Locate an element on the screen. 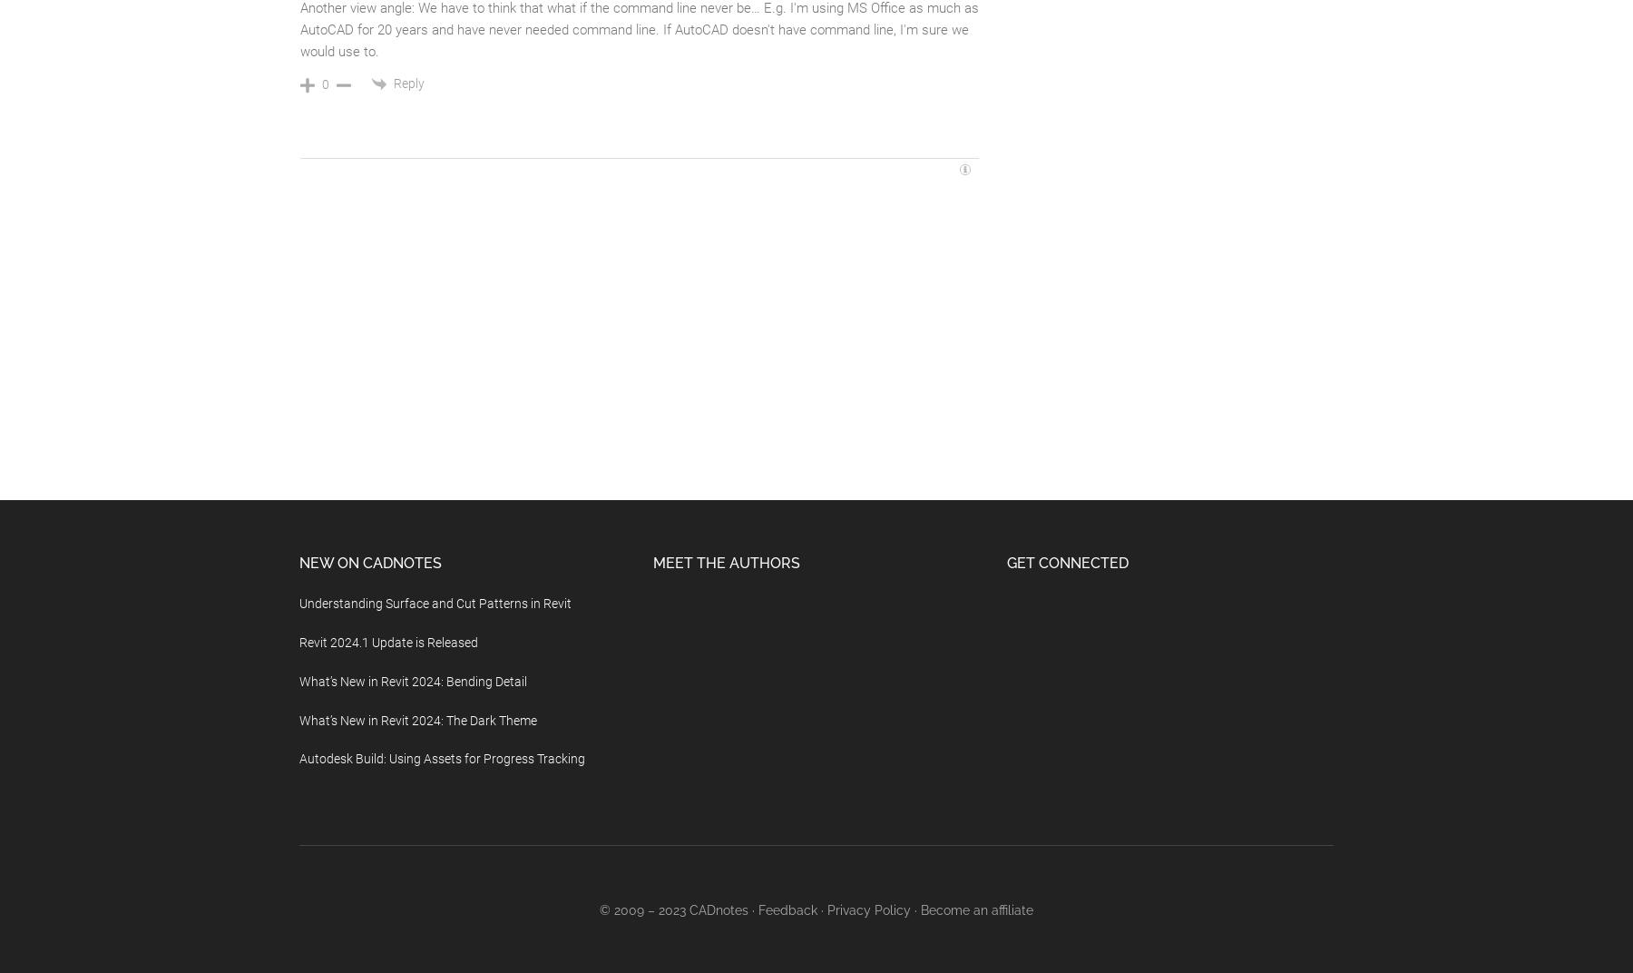 The width and height of the screenshot is (1633, 973). 'Meet the Authors' is located at coordinates (727, 563).